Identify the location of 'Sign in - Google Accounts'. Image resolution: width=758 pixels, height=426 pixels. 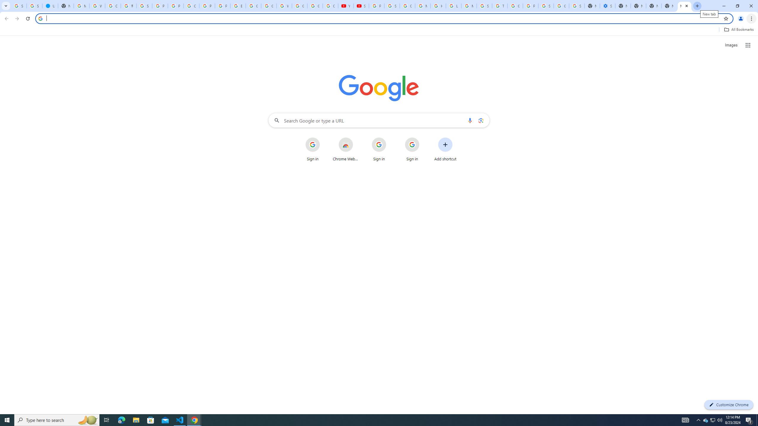
(144, 6).